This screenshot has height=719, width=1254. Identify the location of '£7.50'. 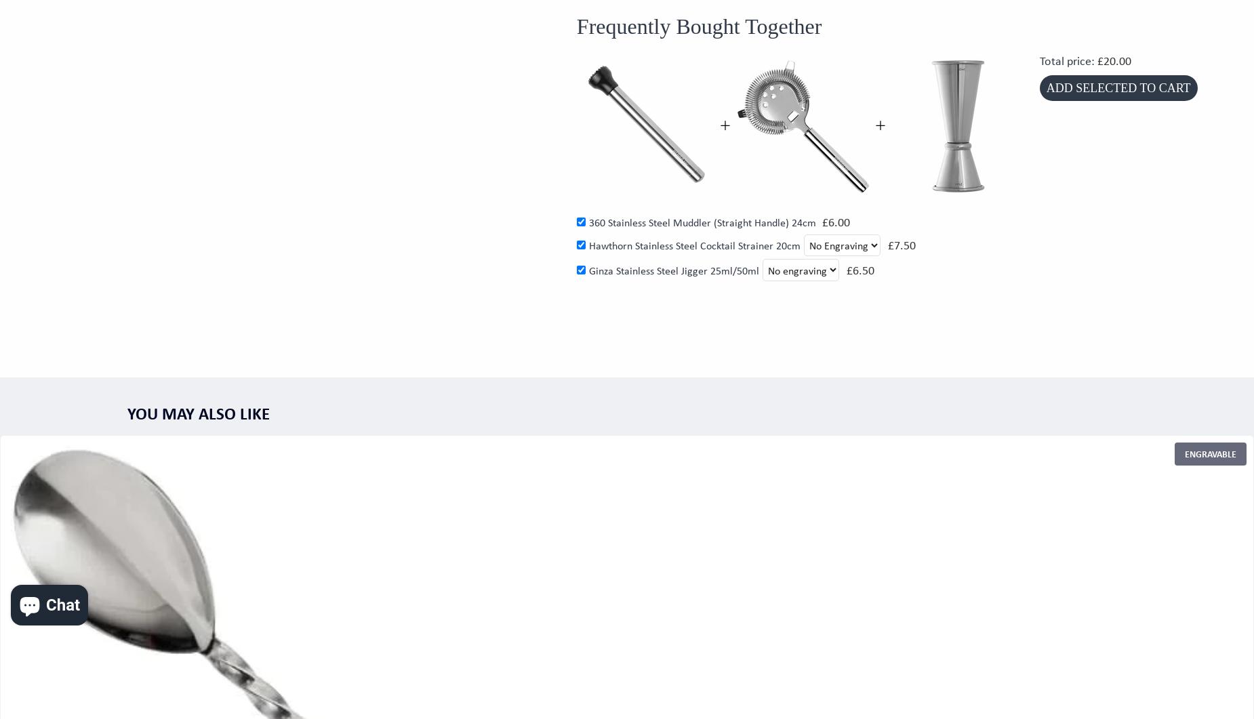
(900, 244).